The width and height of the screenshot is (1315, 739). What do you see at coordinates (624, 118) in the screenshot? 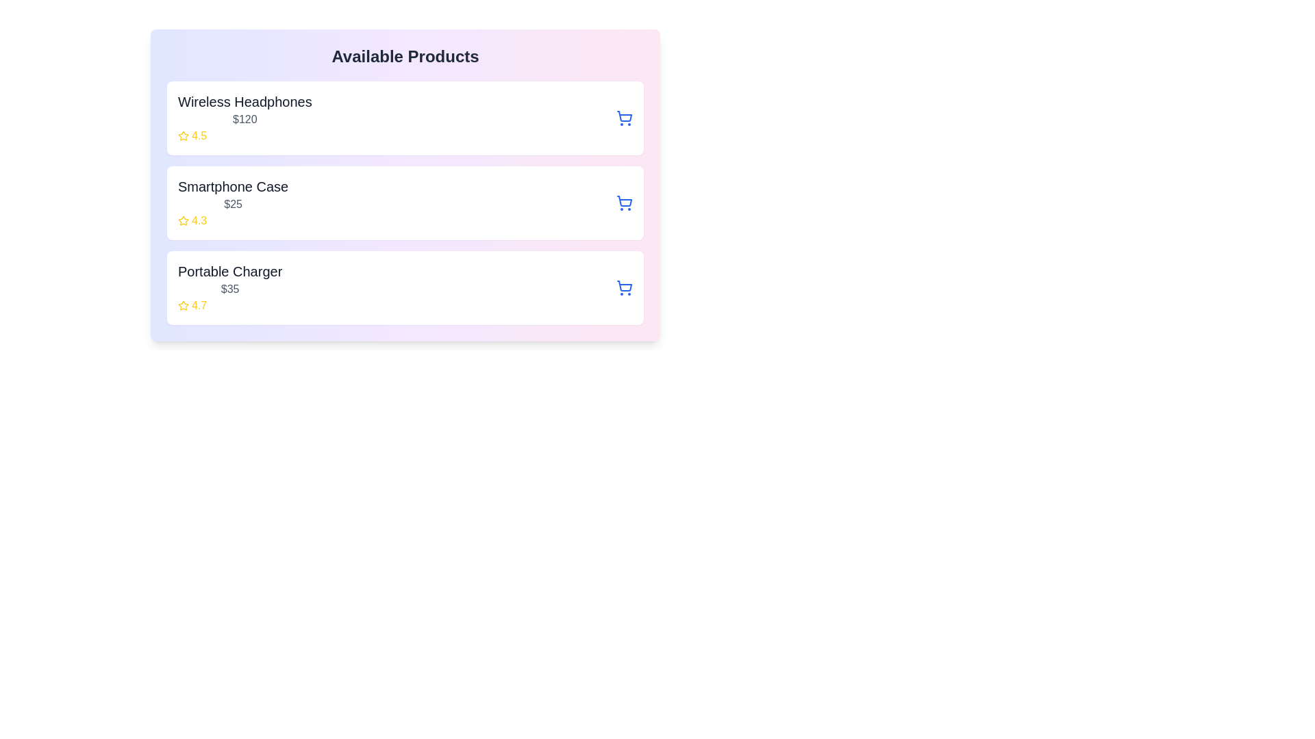
I see `cart button for the product Wireless Headphones` at bounding box center [624, 118].